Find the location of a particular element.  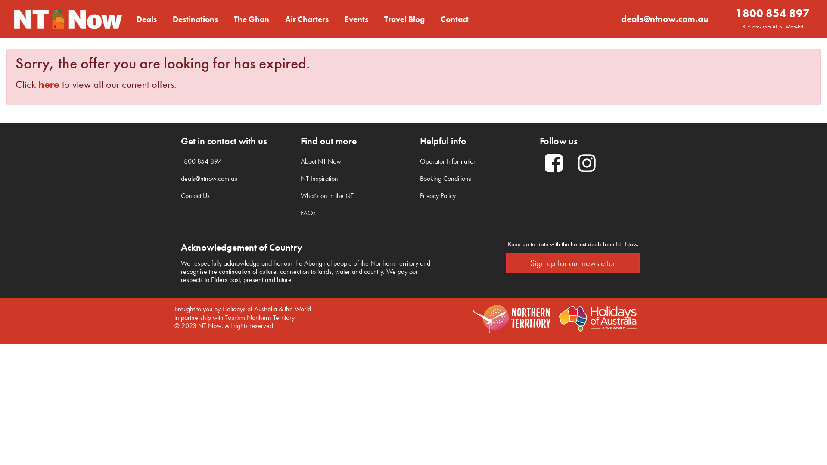

'Deals' is located at coordinates (146, 19).